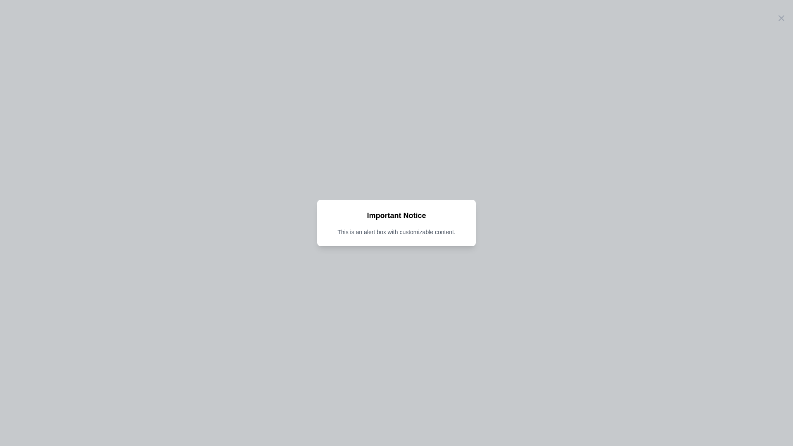 This screenshot has height=446, width=793. I want to click on the text label displaying the message 'This is an alert box with customizable content.' which is styled in a small gray font and positioned below the title 'Important Notice' in the alert box, so click(396, 232).